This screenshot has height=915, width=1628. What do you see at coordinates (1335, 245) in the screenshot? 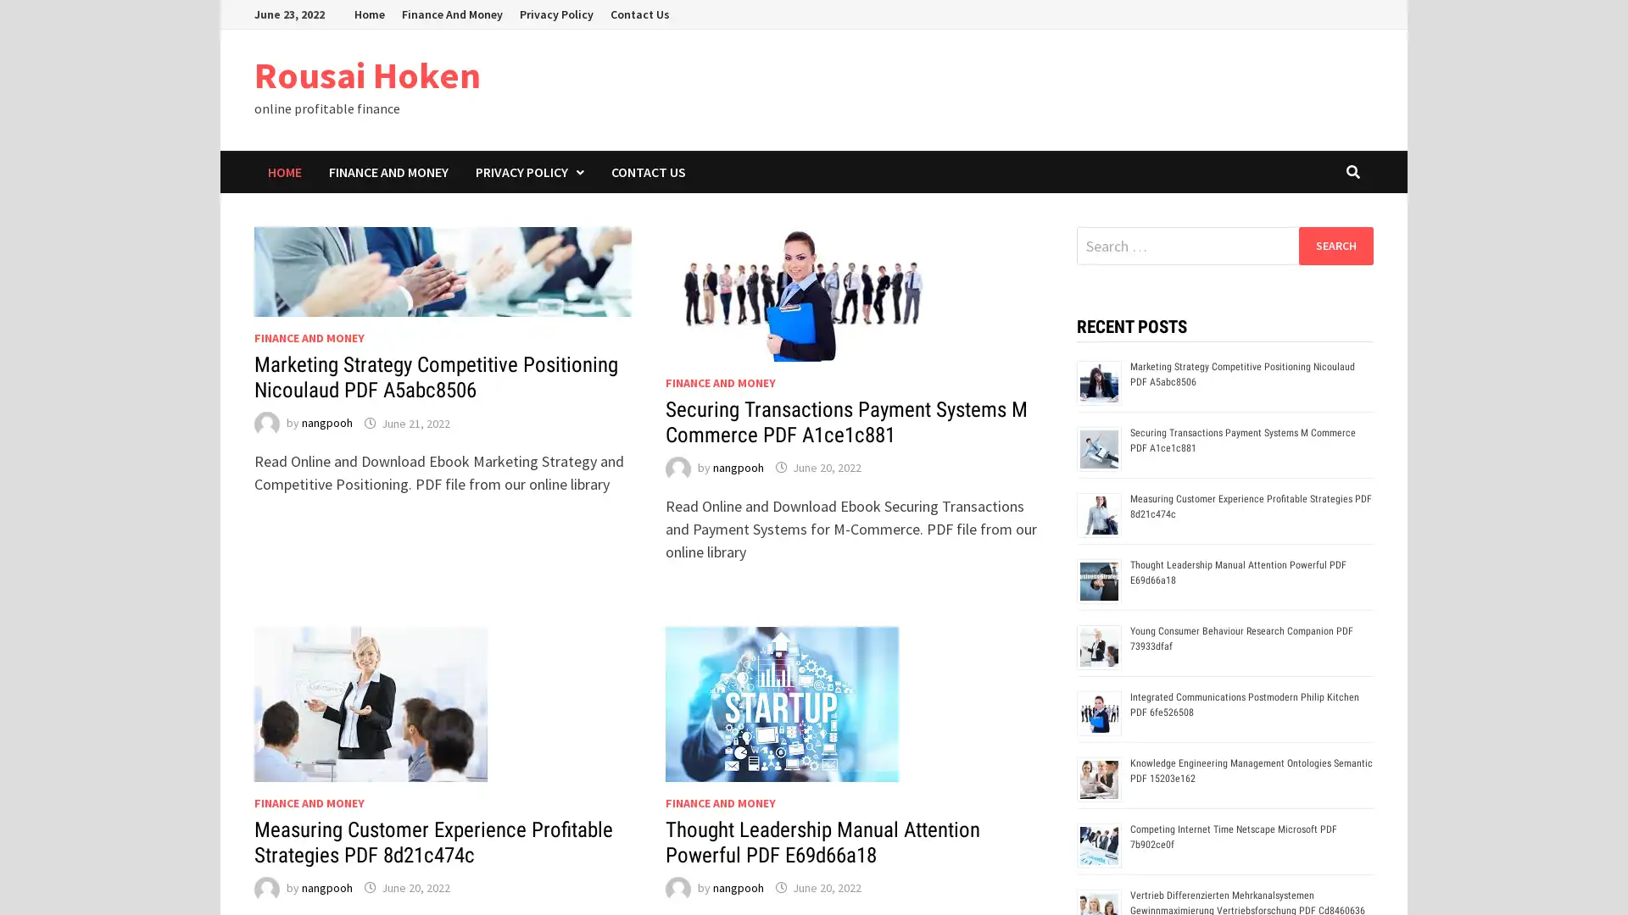
I see `Search` at bounding box center [1335, 245].